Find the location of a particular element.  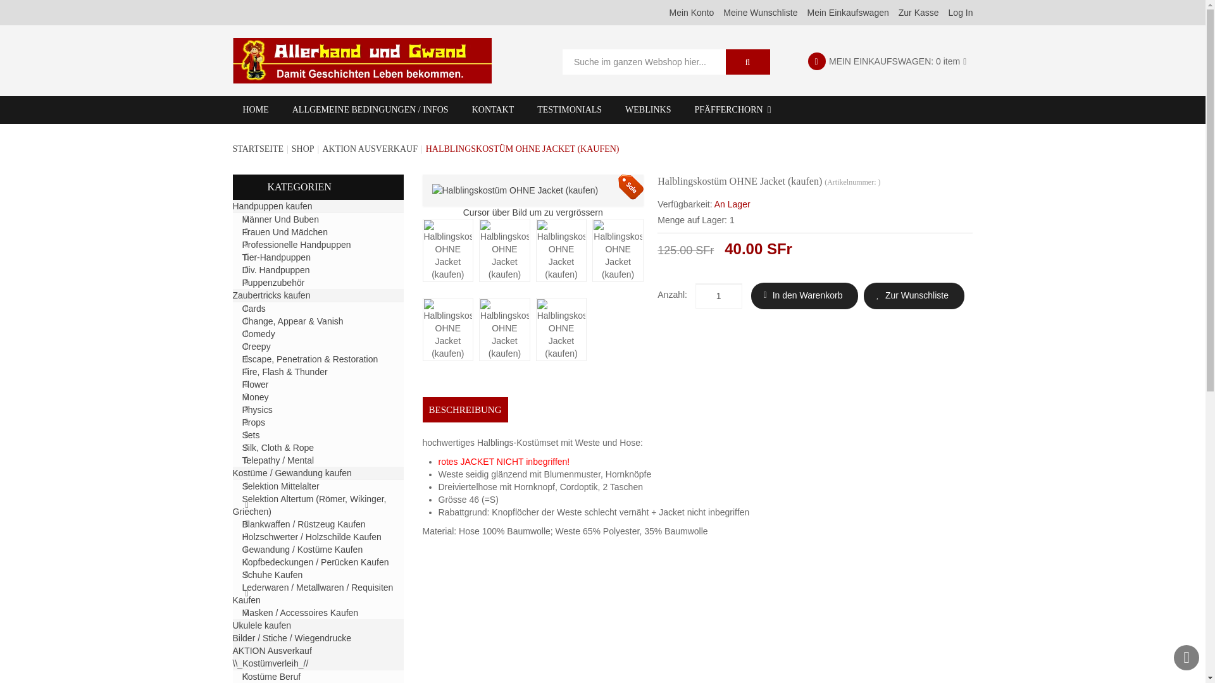

'Ukulele kaufen' is located at coordinates (261, 624).